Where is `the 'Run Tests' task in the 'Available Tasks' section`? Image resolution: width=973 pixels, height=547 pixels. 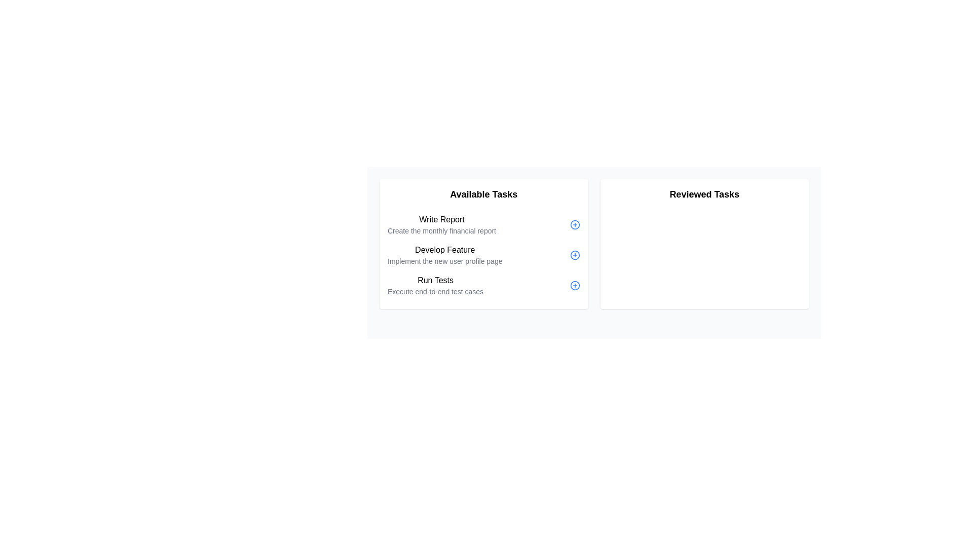
the 'Run Tests' task in the 'Available Tasks' section is located at coordinates (435, 285).